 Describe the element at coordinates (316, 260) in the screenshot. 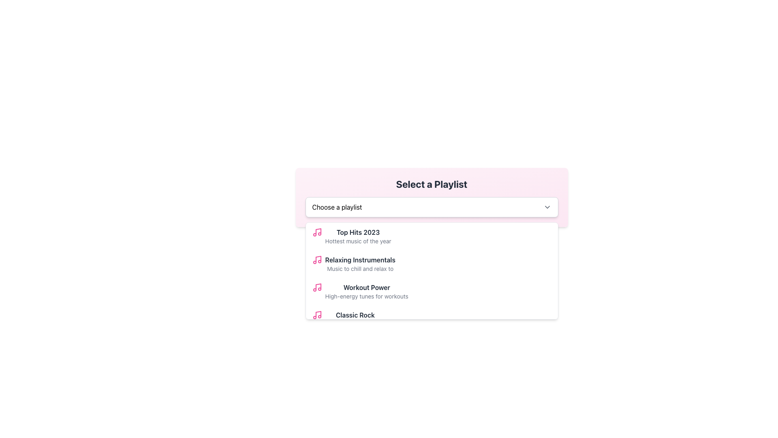

I see `the playlist icon representing 'Relaxing Instrumentals' located to the left of its text label in the dropdown menu under 'Select a Playlist'` at that location.